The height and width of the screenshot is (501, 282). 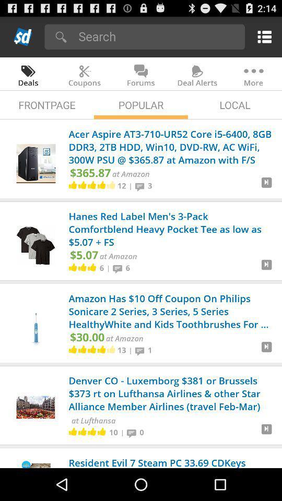 What do you see at coordinates (141, 105) in the screenshot?
I see `popular item` at bounding box center [141, 105].